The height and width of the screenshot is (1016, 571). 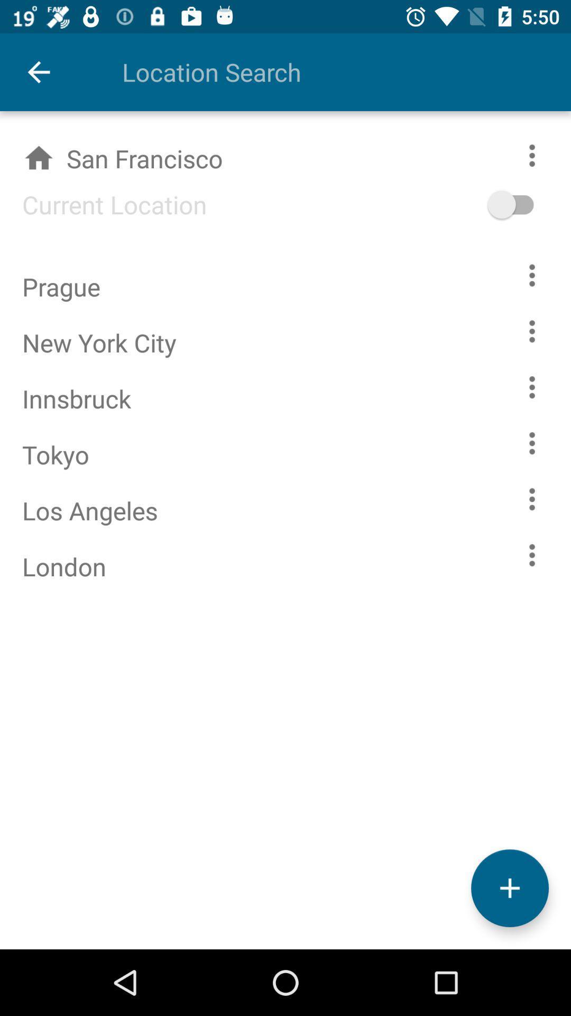 What do you see at coordinates (532, 386) in the screenshot?
I see `more options` at bounding box center [532, 386].